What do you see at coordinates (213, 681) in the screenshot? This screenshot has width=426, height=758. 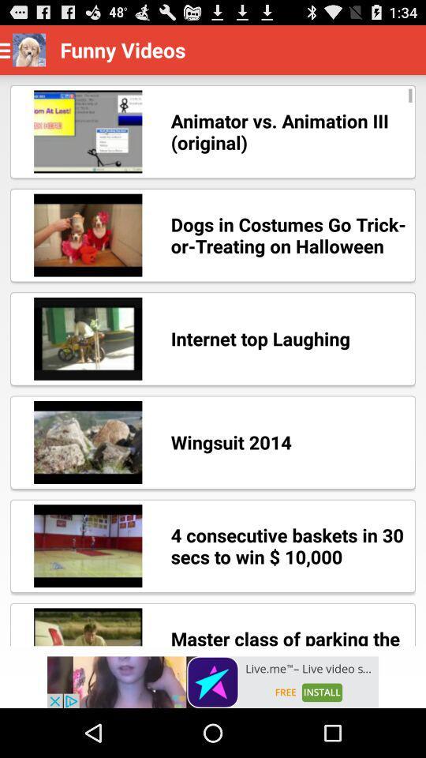 I see `opens the advertisement` at bounding box center [213, 681].